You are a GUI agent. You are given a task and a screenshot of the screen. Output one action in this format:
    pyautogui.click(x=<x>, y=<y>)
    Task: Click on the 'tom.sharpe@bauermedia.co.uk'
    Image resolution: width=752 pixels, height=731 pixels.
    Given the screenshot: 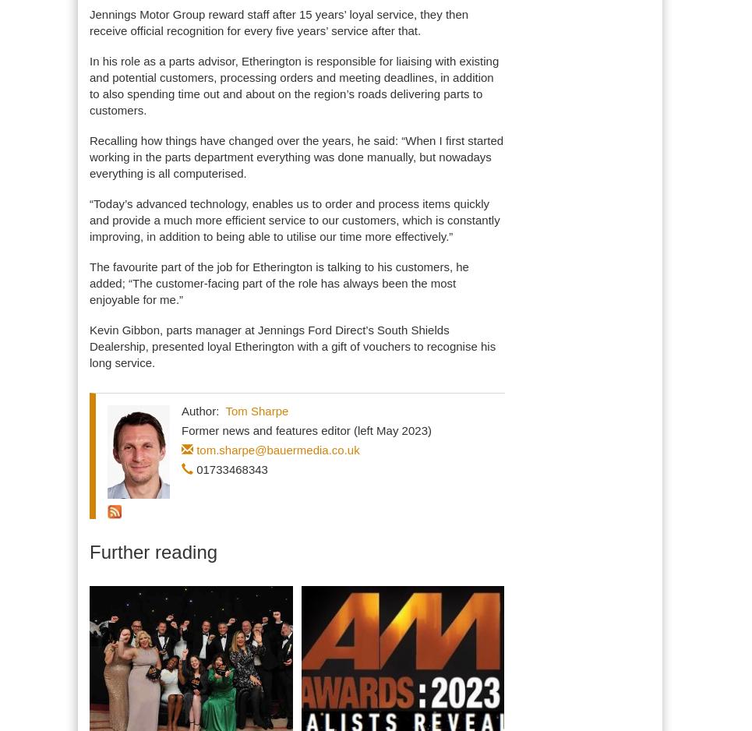 What is the action you would take?
    pyautogui.click(x=277, y=449)
    